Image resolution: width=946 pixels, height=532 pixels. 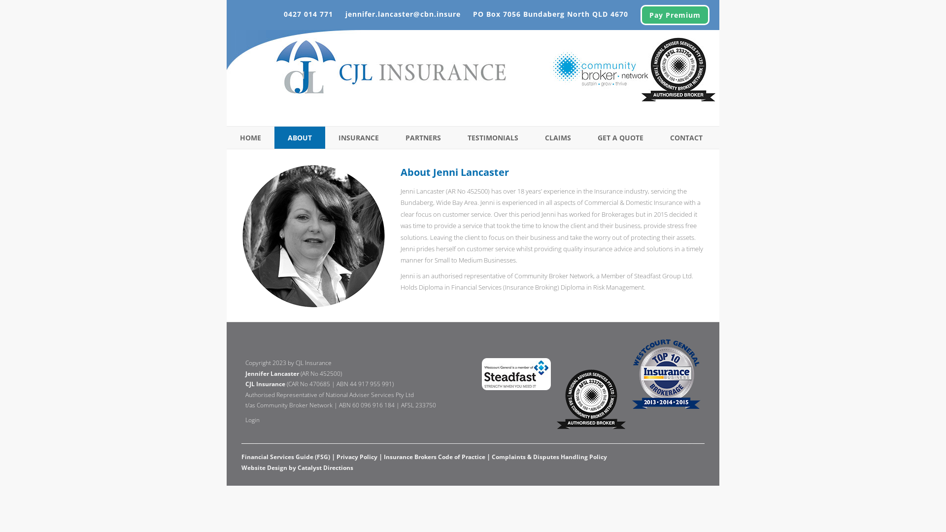 What do you see at coordinates (492, 457) in the screenshot?
I see `'Complaints & Disputes Handling Policy'` at bounding box center [492, 457].